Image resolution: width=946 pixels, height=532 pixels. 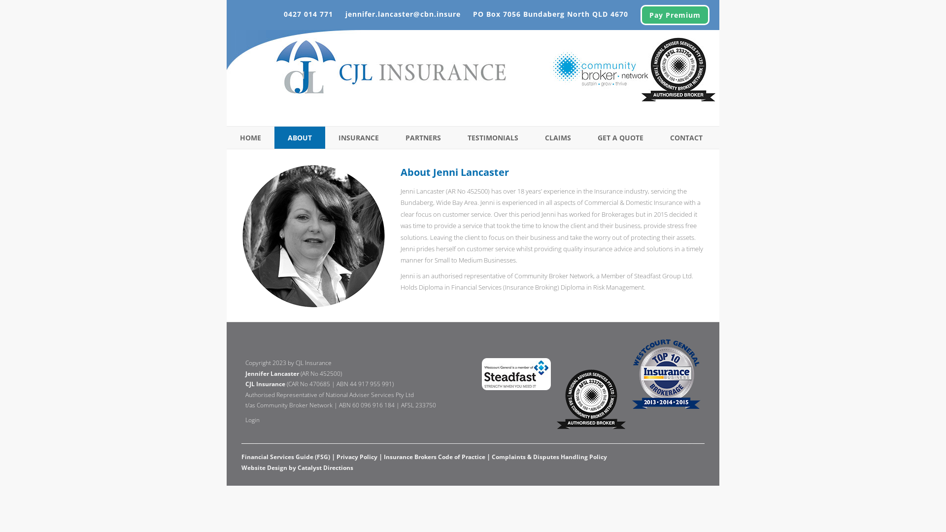 What do you see at coordinates (492, 457) in the screenshot?
I see `'Complaints & Disputes Handling Policy'` at bounding box center [492, 457].